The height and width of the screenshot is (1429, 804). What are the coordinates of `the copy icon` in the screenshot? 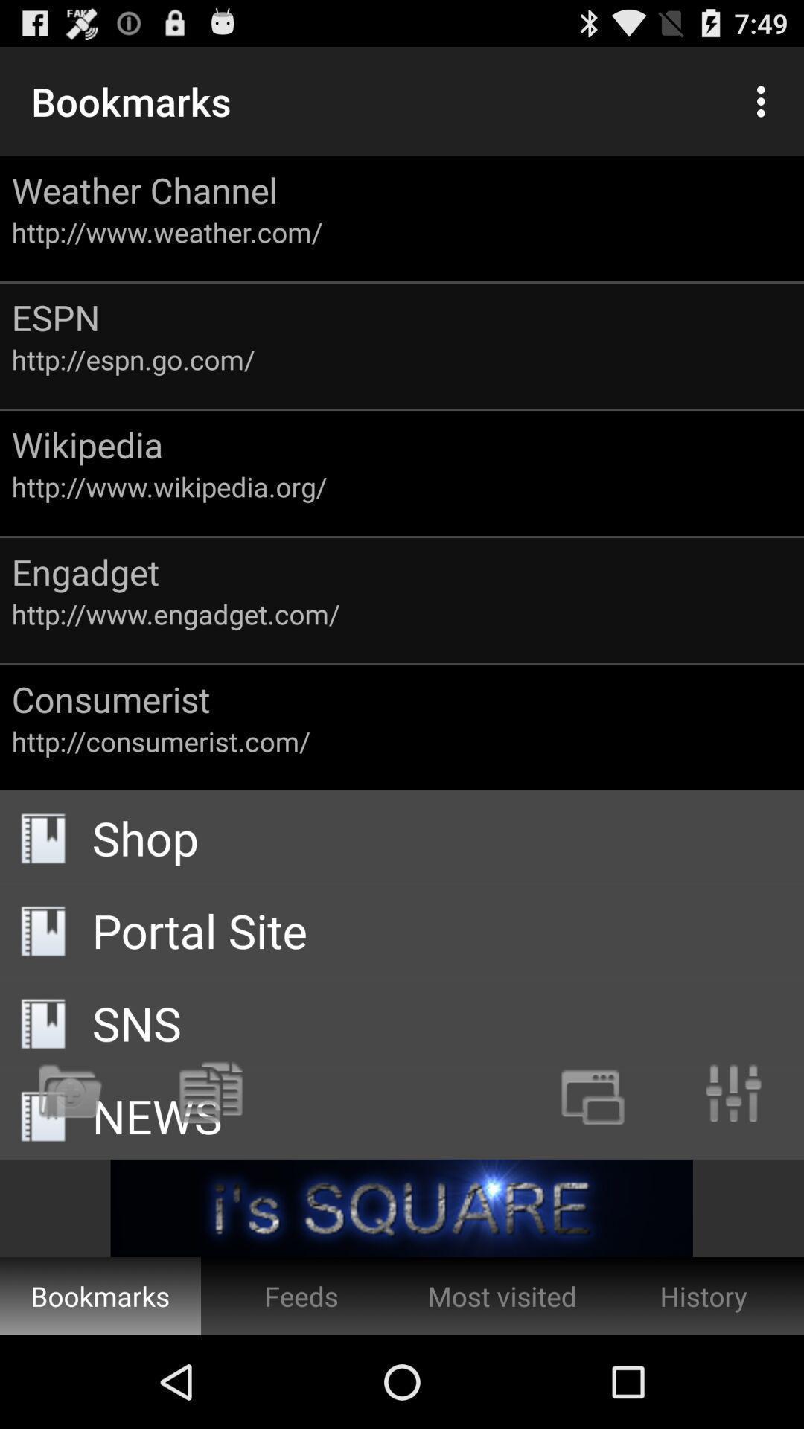 It's located at (211, 1169).